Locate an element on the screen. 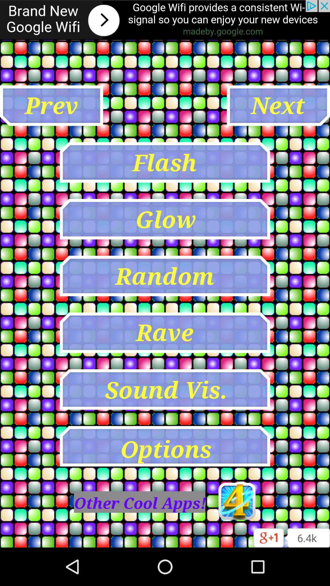  clickable advertisement is located at coordinates (165, 20).